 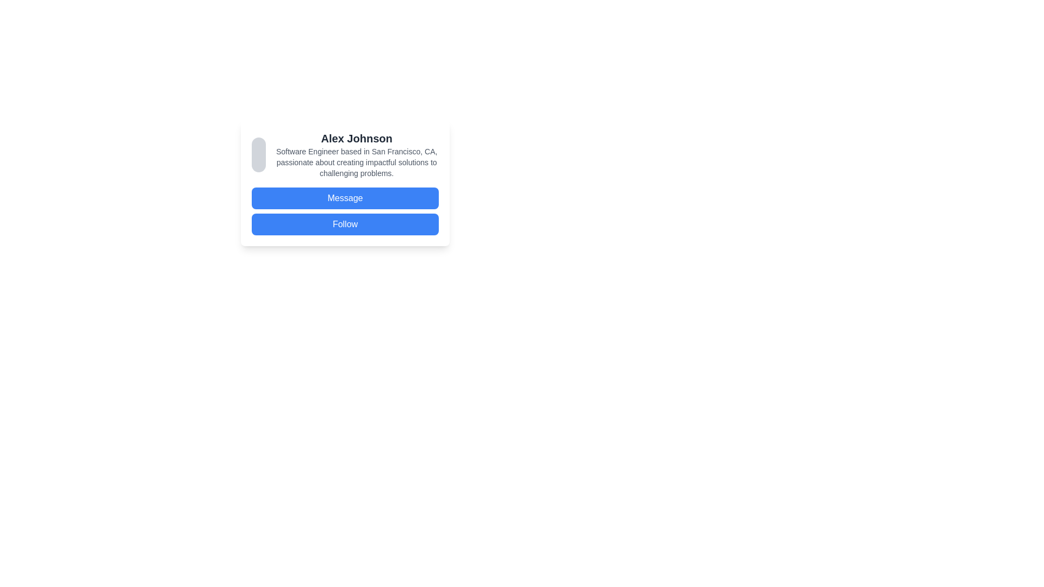 I want to click on the prominent text label displaying 'Alex Johnson', which is styled boldly and located at the center-top of the UI card, so click(x=357, y=138).